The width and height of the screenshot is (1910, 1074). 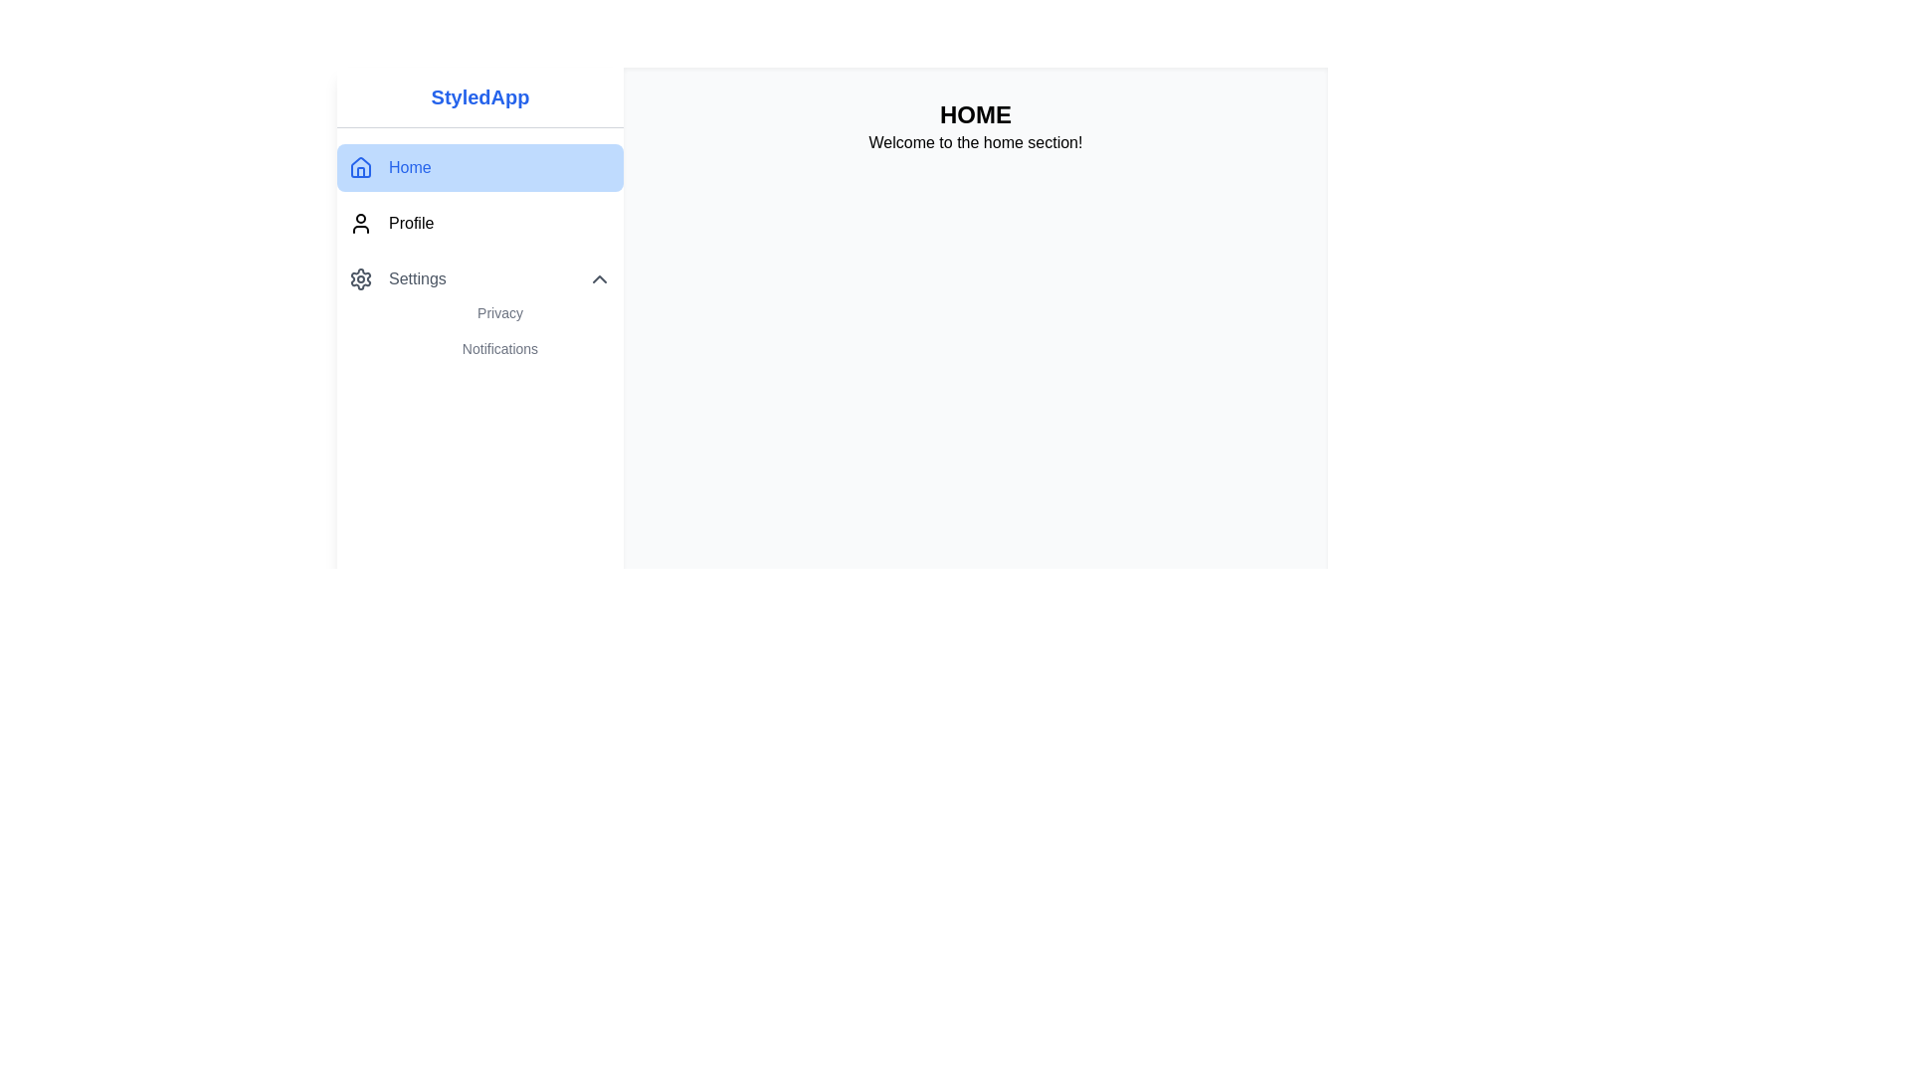 I want to click on the first navigation link or button in the 'Settings' sidebar that allows access to the Privacy section, so click(x=500, y=313).